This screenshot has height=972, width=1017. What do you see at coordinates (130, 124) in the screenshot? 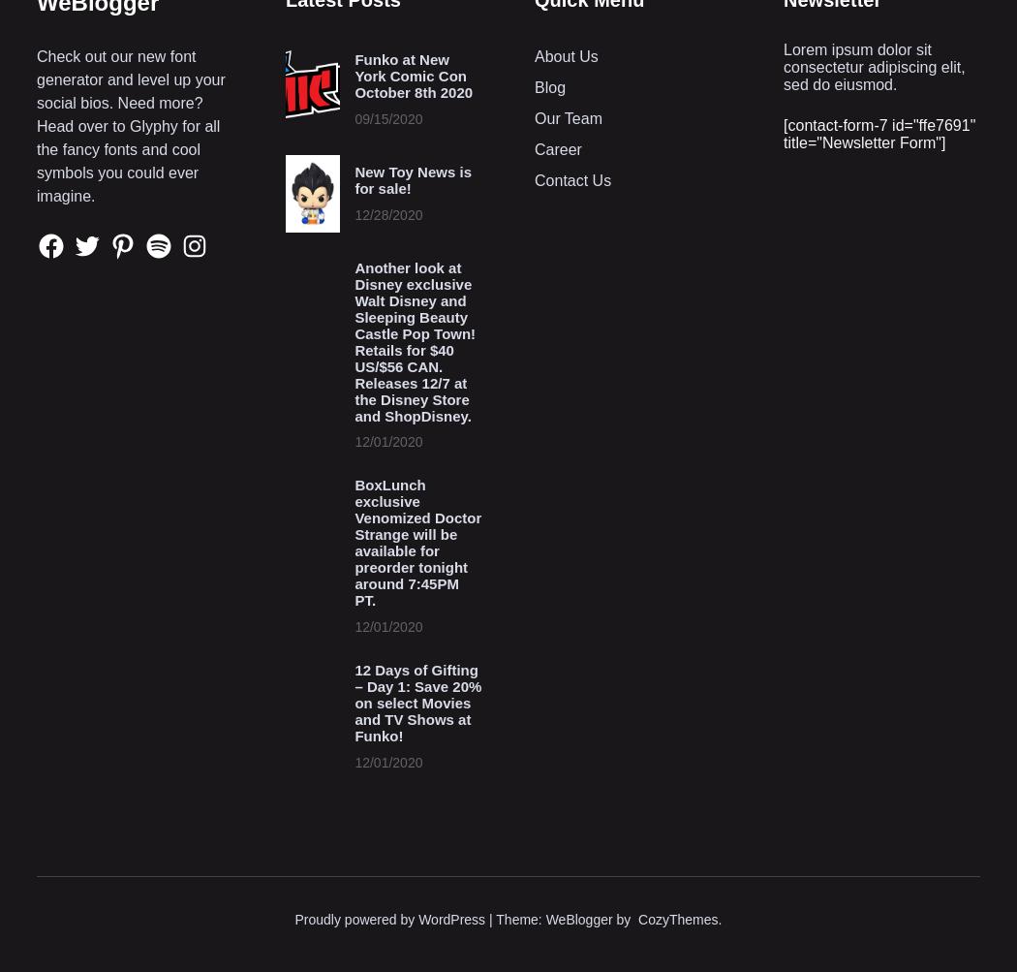
I see `'Check out our new font generator and level up your social bios. Need more? Head over to Glyphy for all the fancy fonts and cool symbols you could ever imagine.'` at bounding box center [130, 124].